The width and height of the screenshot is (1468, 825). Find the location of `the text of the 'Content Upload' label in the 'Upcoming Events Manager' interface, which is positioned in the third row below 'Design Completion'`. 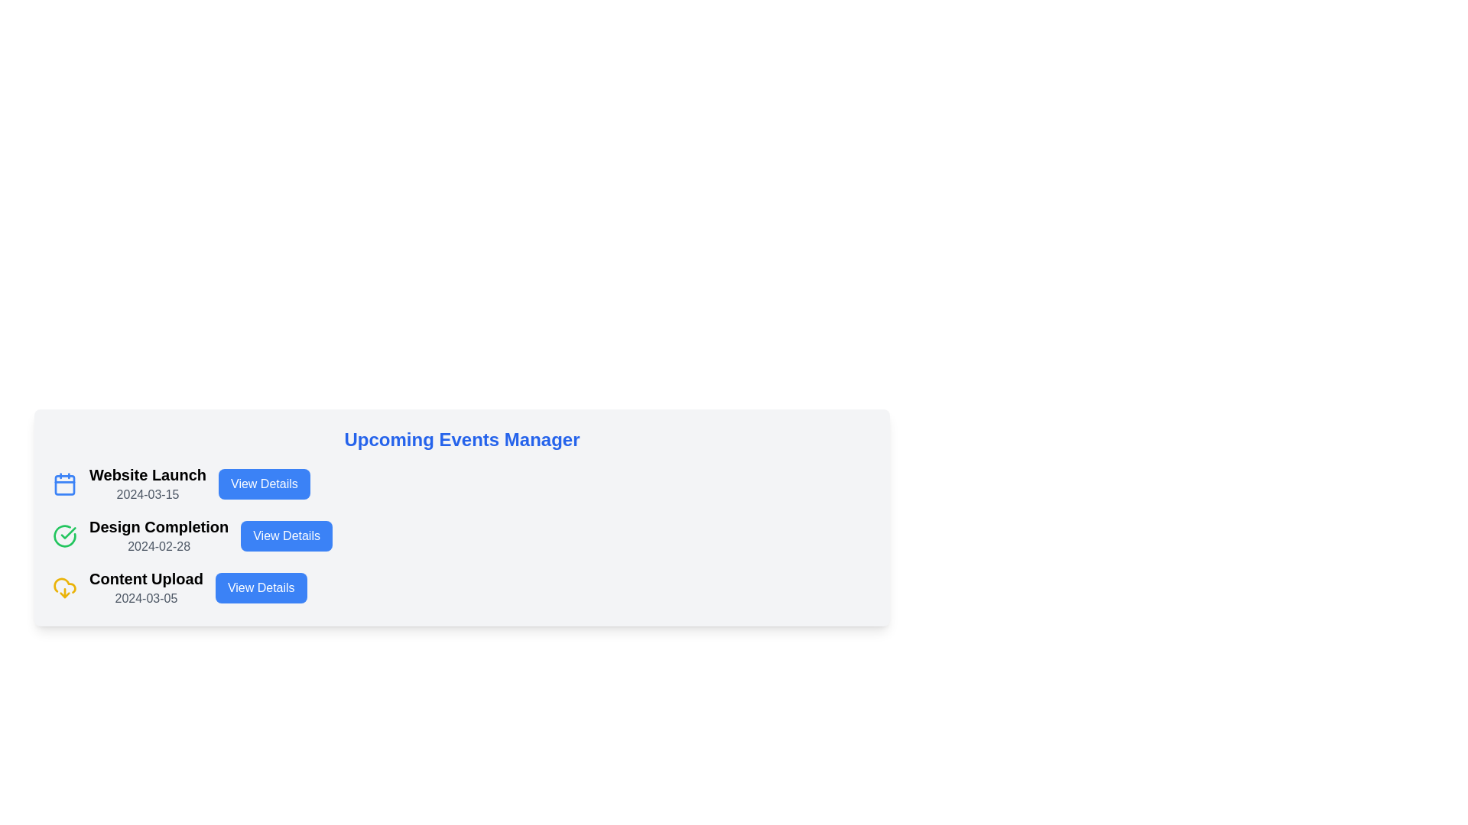

the text of the 'Content Upload' label in the 'Upcoming Events Manager' interface, which is positioned in the third row below 'Design Completion' is located at coordinates (146, 579).